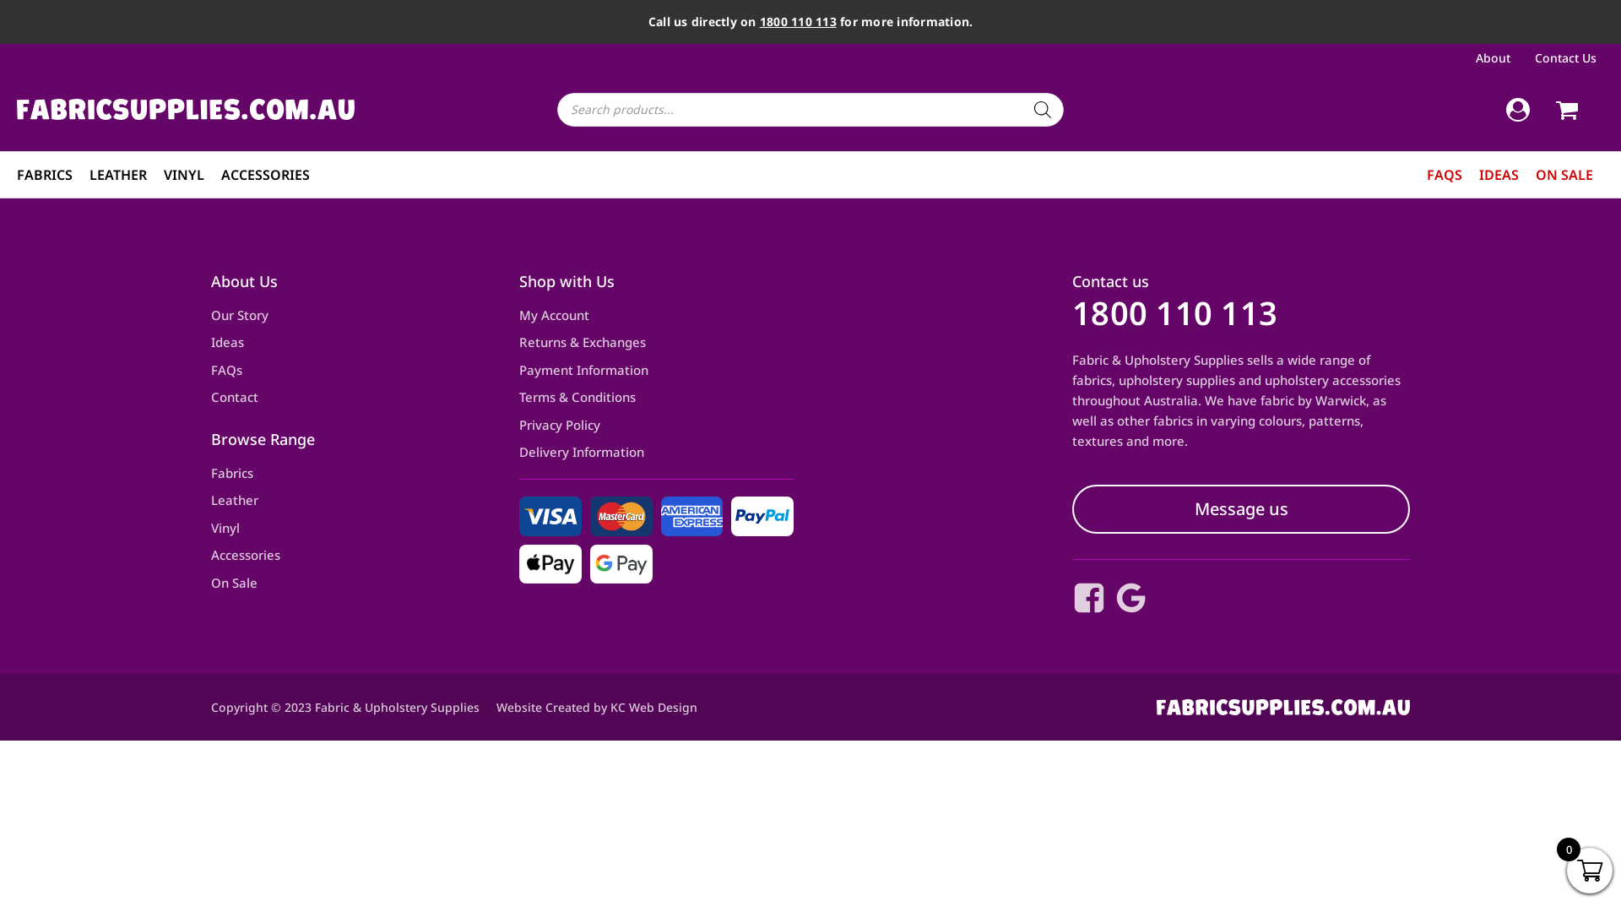 The width and height of the screenshot is (1621, 912). I want to click on 'Vinyl', so click(225, 527).